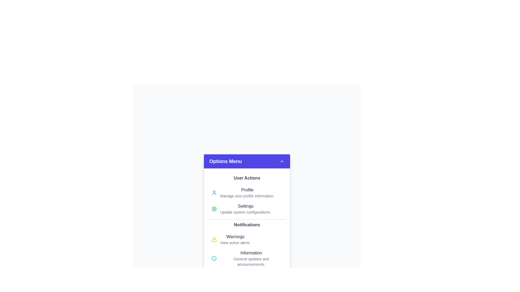 This screenshot has height=292, width=520. What do you see at coordinates (247, 239) in the screenshot?
I see `the first clickable list item under the 'Notifications' section` at bounding box center [247, 239].